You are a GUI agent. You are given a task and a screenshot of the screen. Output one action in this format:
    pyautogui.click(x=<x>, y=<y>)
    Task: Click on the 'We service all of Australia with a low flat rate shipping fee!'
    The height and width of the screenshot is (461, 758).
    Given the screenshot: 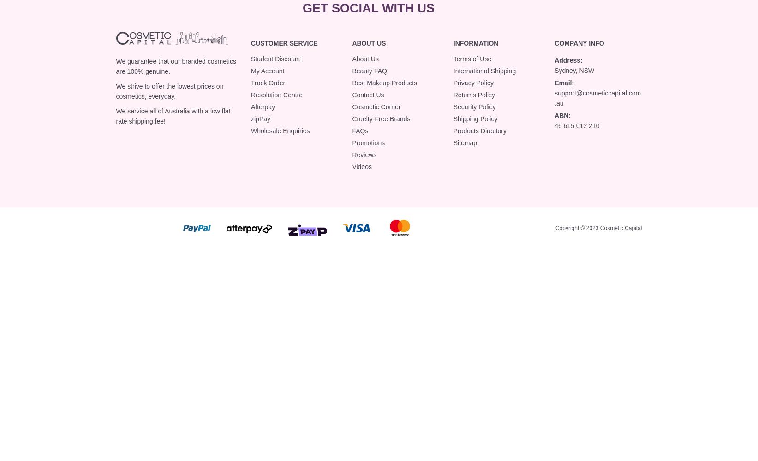 What is the action you would take?
    pyautogui.click(x=116, y=116)
    